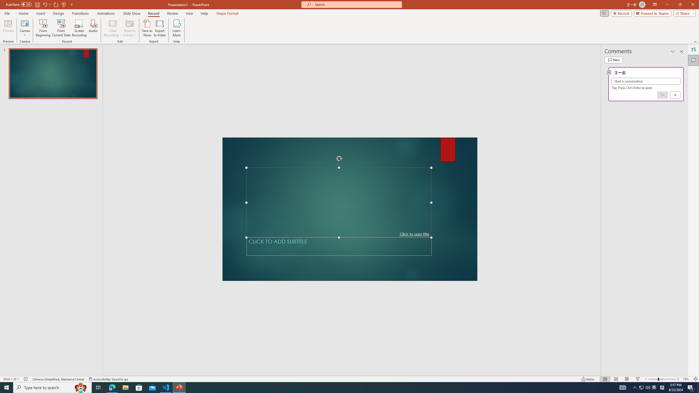  What do you see at coordinates (30, 371) in the screenshot?
I see `'Spelling and Grammar Check No Errors'` at bounding box center [30, 371].